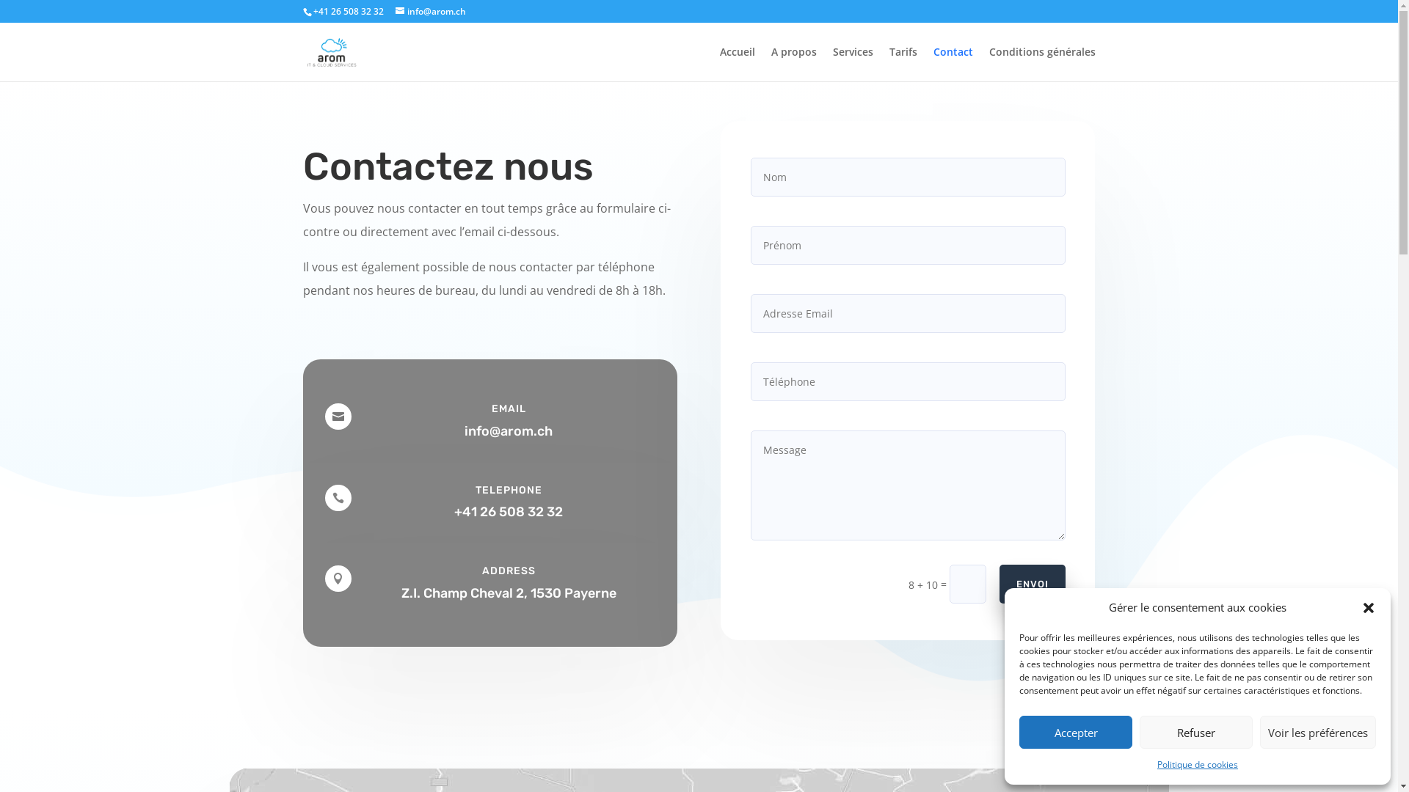  What do you see at coordinates (1198, 763) in the screenshot?
I see `'Politique de cookies'` at bounding box center [1198, 763].